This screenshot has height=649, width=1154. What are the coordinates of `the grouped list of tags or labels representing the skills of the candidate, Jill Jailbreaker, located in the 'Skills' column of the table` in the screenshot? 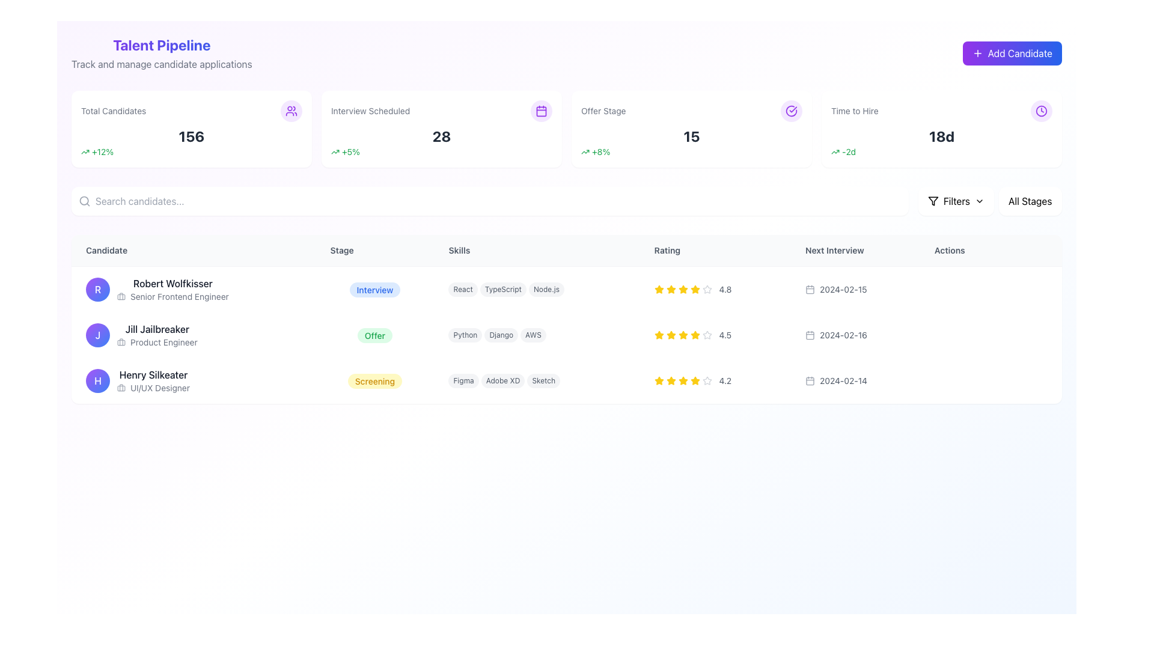 It's located at (536, 335).